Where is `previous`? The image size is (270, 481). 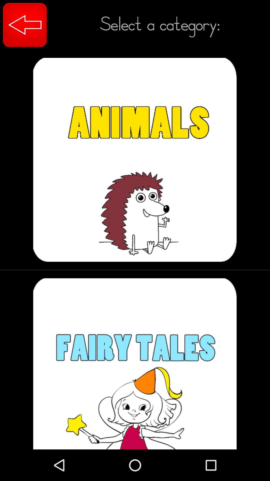 previous is located at coordinates (25, 25).